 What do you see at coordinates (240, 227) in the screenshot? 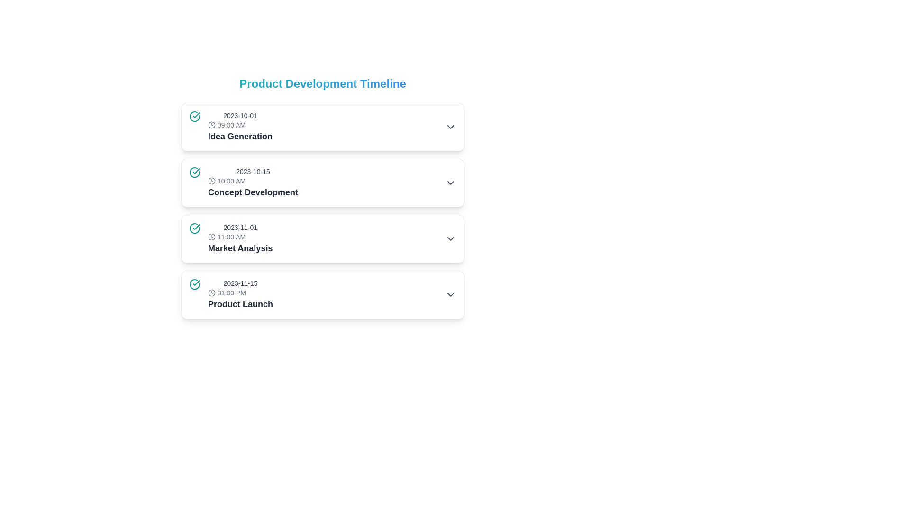
I see `date indicator text label located at the upper section of the 'Market Analysis' item, which is the first item and positioned above the time indicator and event title` at bounding box center [240, 227].